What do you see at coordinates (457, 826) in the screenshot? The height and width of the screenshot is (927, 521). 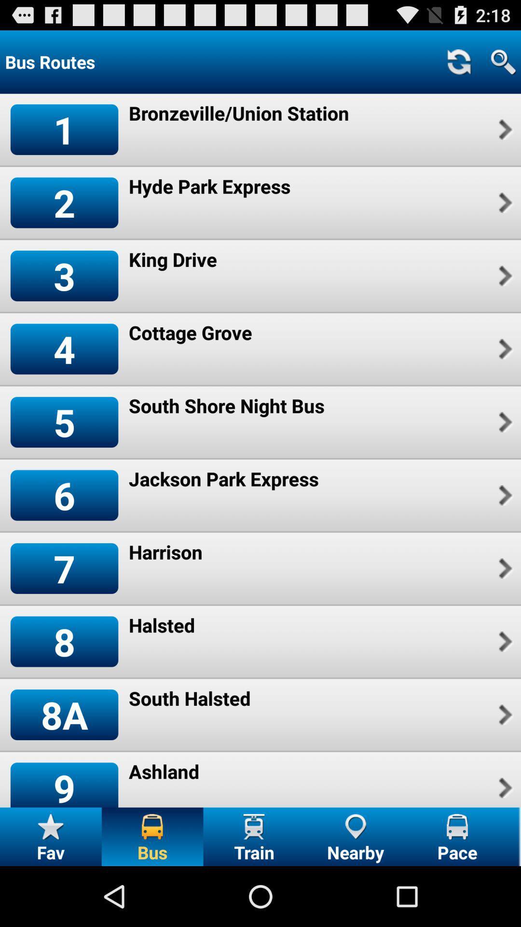 I see `the icon on the bottom right corner of the web page` at bounding box center [457, 826].